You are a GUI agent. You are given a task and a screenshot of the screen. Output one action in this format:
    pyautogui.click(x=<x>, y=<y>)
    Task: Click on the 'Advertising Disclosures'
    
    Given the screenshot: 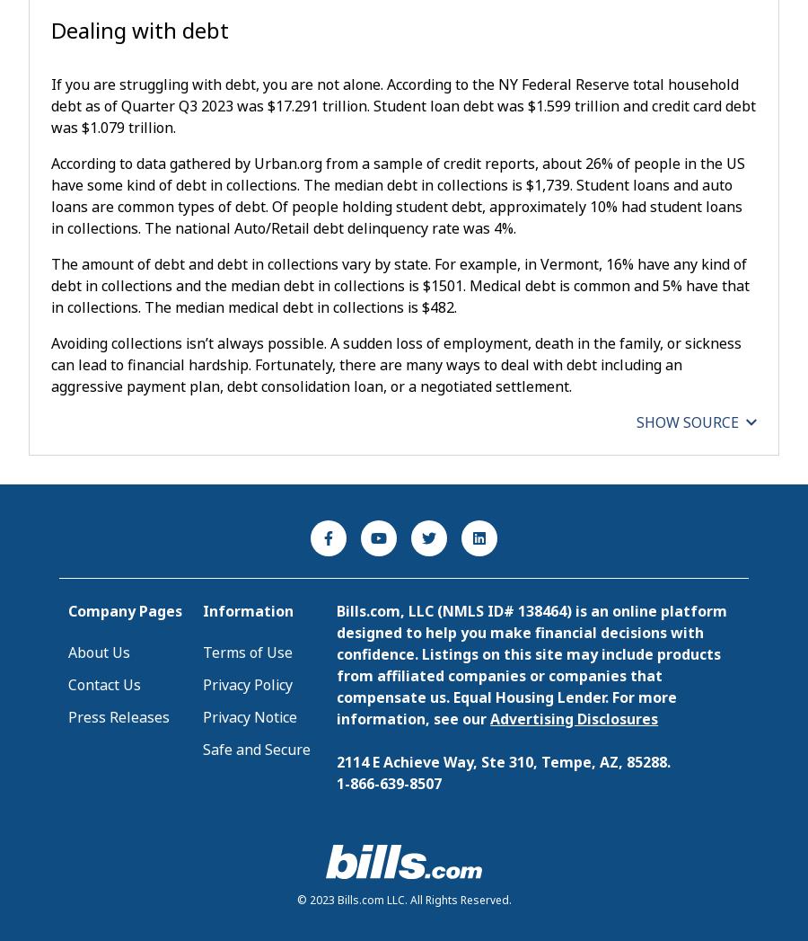 What is the action you would take?
    pyautogui.click(x=574, y=718)
    